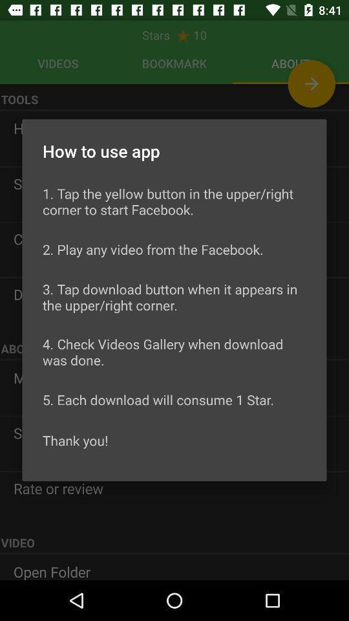  Describe the element at coordinates (174, 352) in the screenshot. I see `4 check videos` at that location.